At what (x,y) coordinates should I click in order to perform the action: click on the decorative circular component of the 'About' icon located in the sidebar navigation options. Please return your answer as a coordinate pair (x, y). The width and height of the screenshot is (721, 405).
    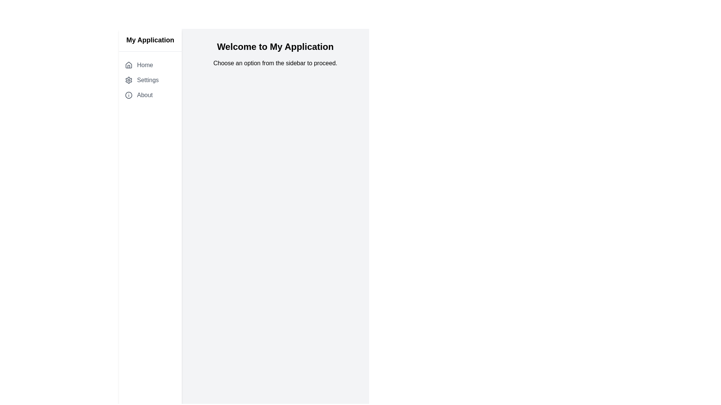
    Looking at the image, I should click on (128, 95).